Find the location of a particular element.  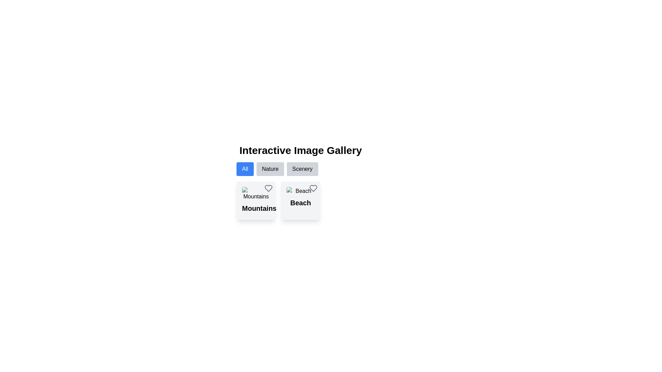

the 'Nature' button, which is a rectangular button with rounded corners and a light gray background, located between the 'All' button and the 'Scenery' button in the Interactive Image Gallery is located at coordinates (270, 169).